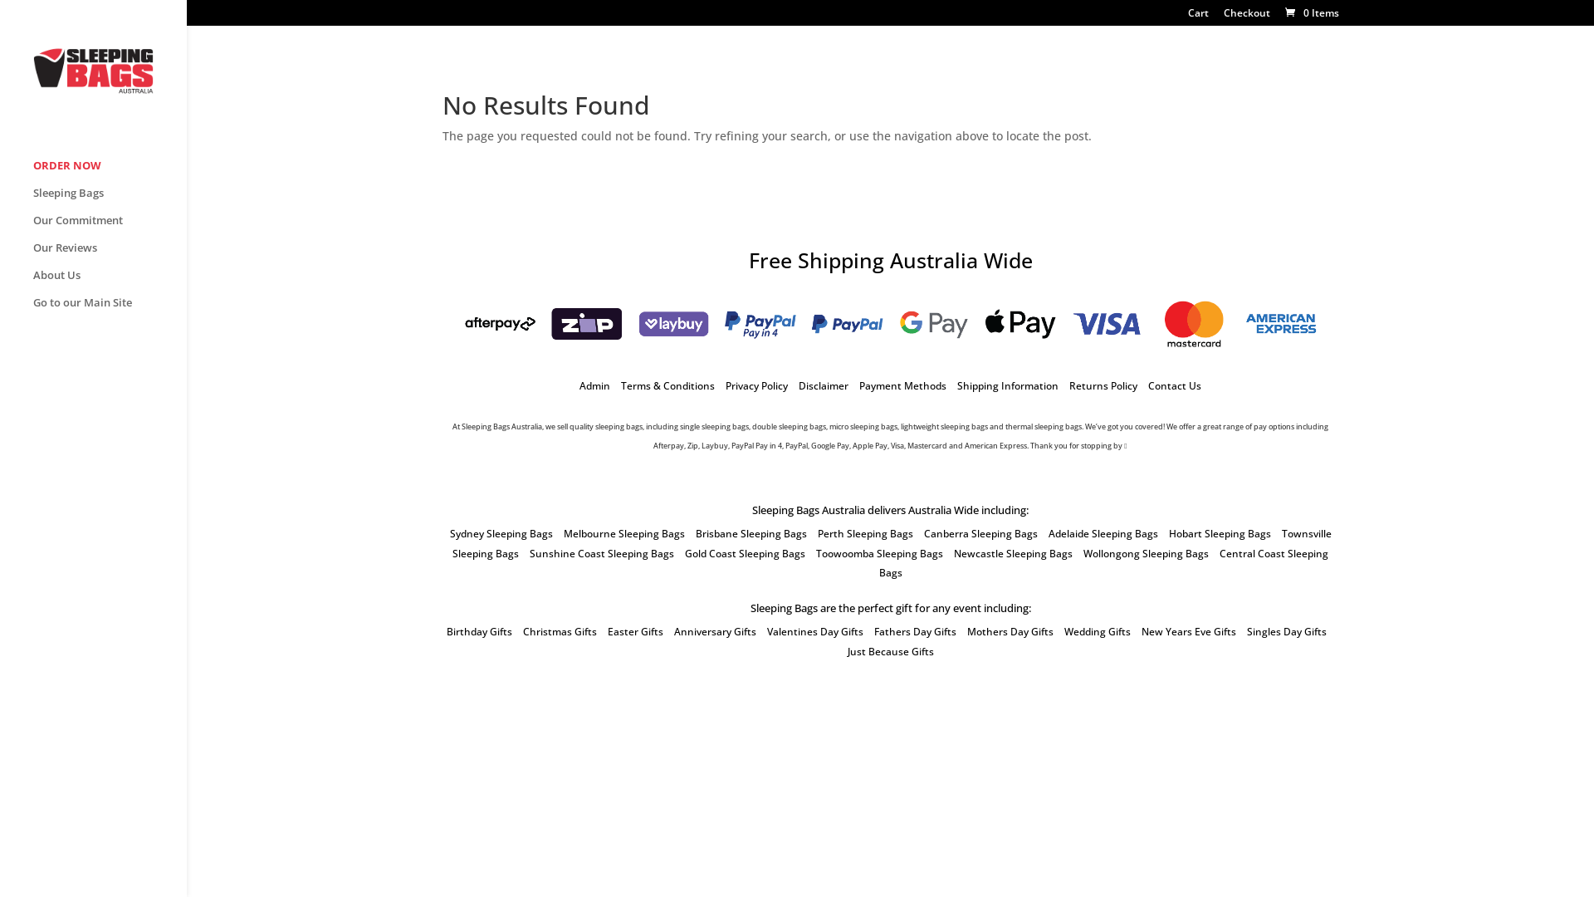 This screenshot has width=1594, height=897. What do you see at coordinates (1309, 12) in the screenshot?
I see `'0 Items'` at bounding box center [1309, 12].